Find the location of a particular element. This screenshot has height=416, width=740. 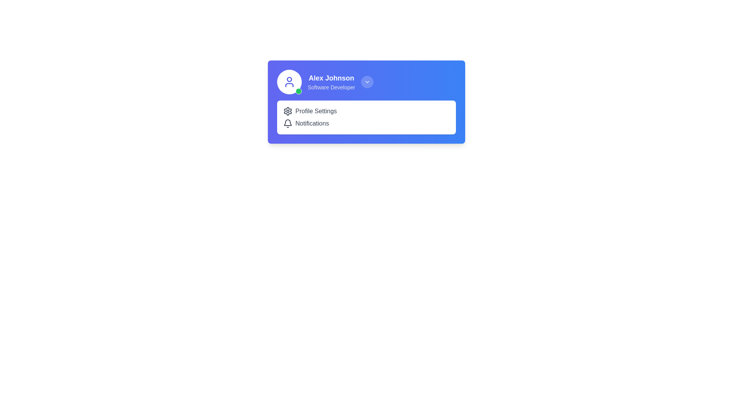

the text label displaying 'Software Developer', which is styled in a small gray font and positioned directly beneath the user name 'Alex Johnson' is located at coordinates (331, 87).